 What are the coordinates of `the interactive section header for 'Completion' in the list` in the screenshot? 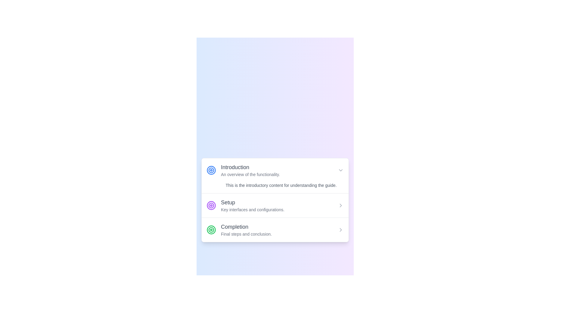 It's located at (275, 230).